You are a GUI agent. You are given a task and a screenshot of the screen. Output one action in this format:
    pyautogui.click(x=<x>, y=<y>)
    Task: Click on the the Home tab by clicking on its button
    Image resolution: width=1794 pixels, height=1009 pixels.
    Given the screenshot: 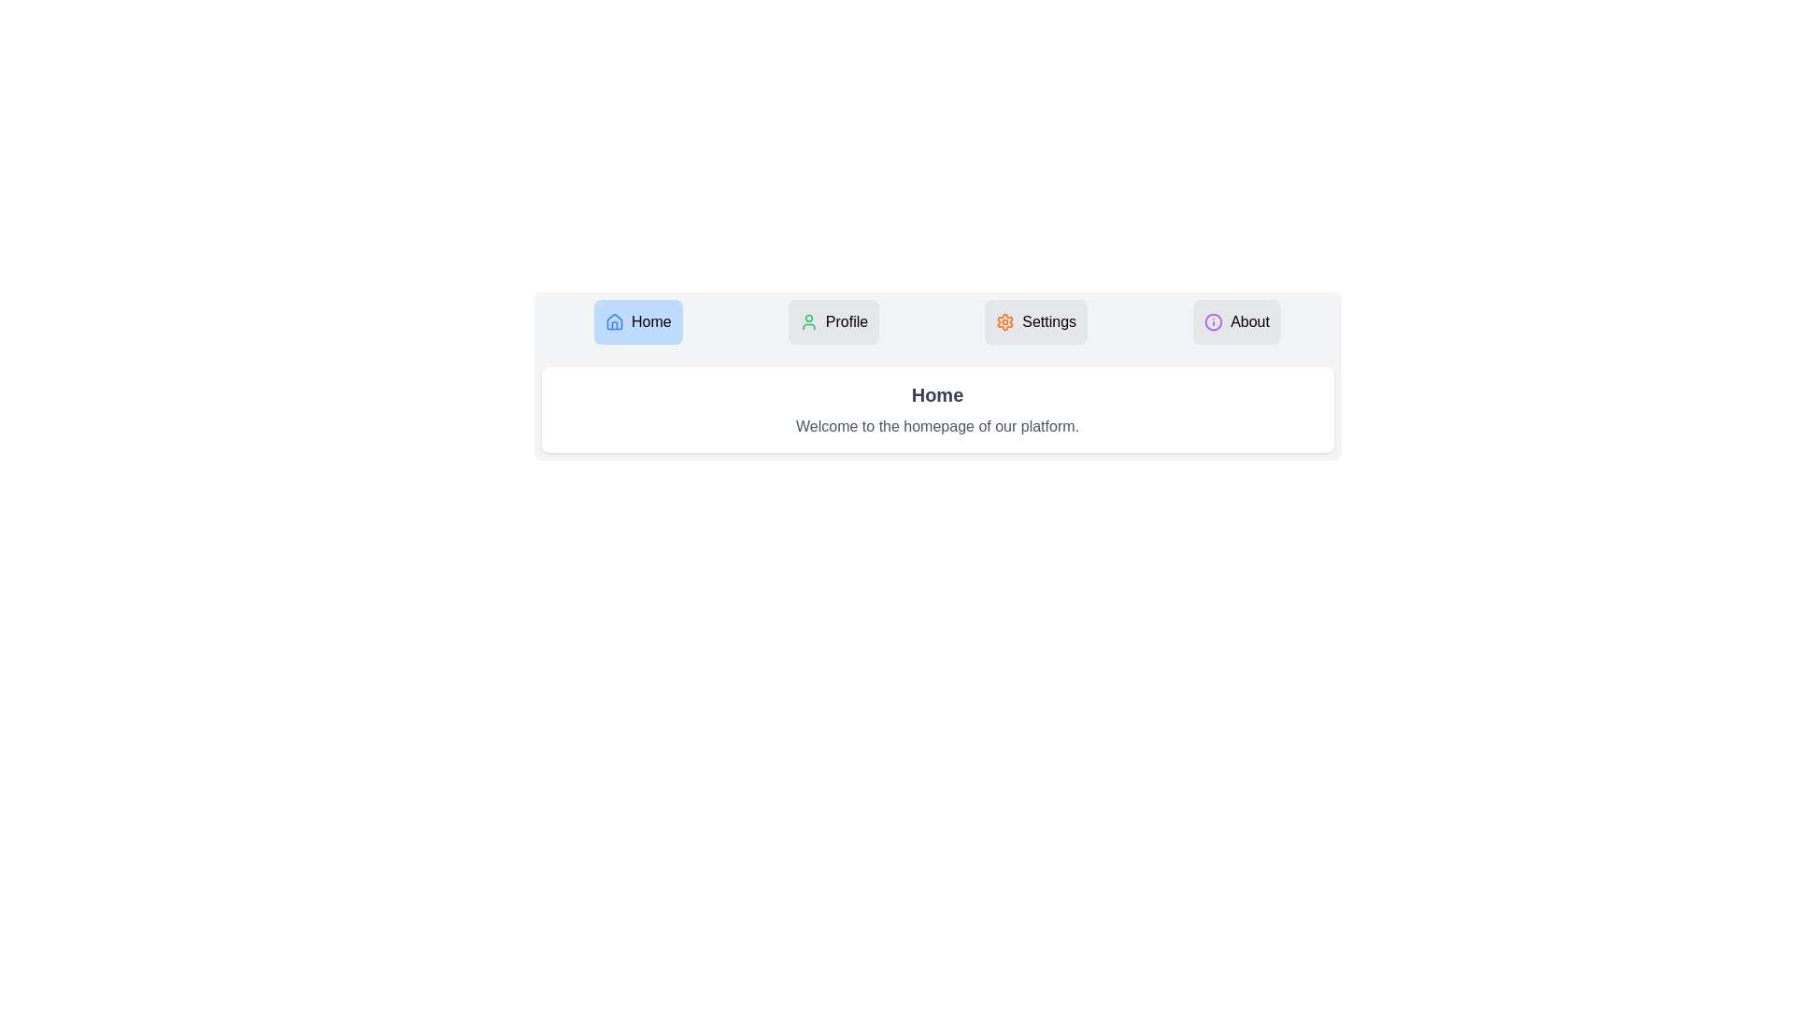 What is the action you would take?
    pyautogui.click(x=638, y=320)
    